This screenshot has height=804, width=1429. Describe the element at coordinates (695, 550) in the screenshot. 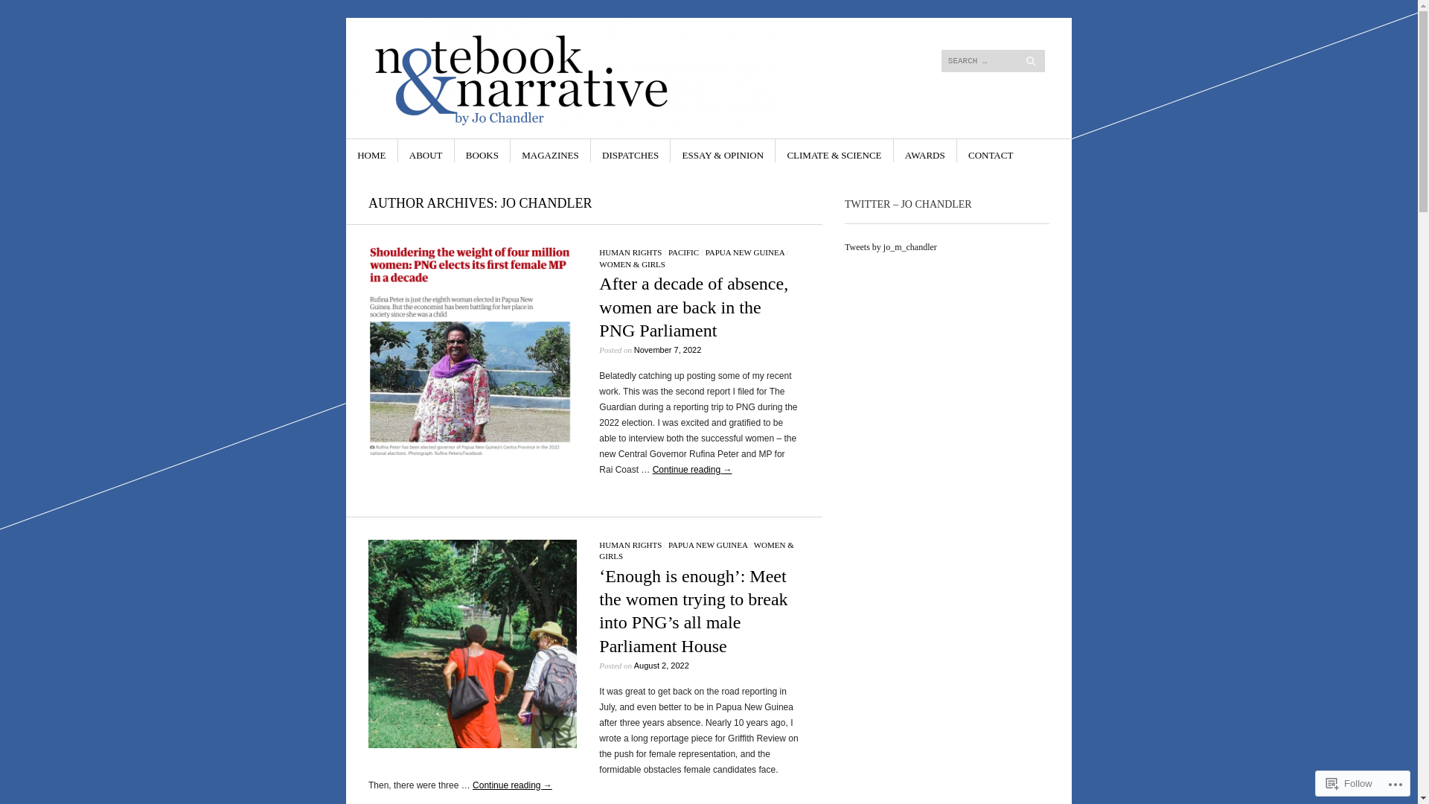

I see `'WOMEN & GIRLS'` at that location.